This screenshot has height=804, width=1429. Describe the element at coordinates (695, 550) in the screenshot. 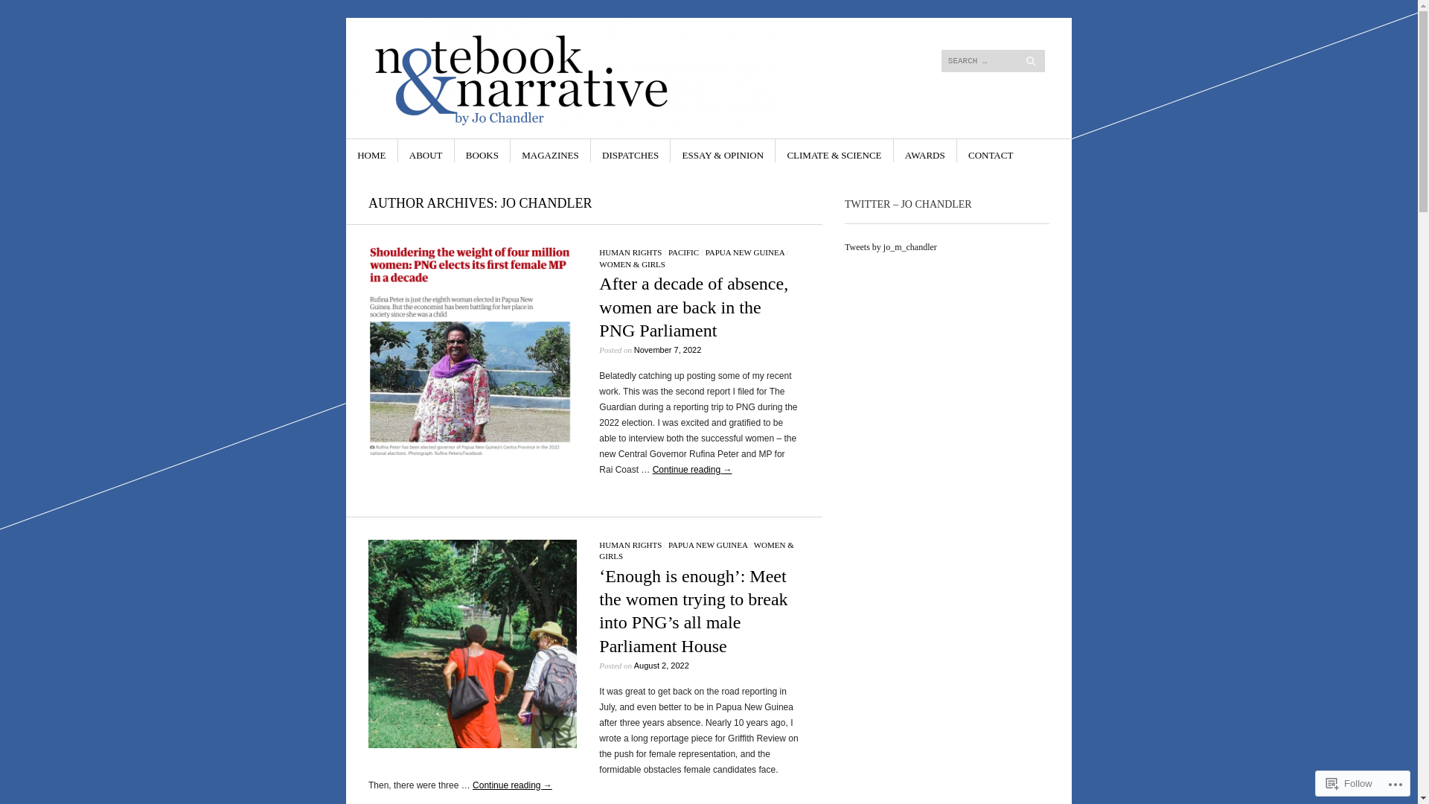

I see `'WOMEN & GIRLS'` at that location.